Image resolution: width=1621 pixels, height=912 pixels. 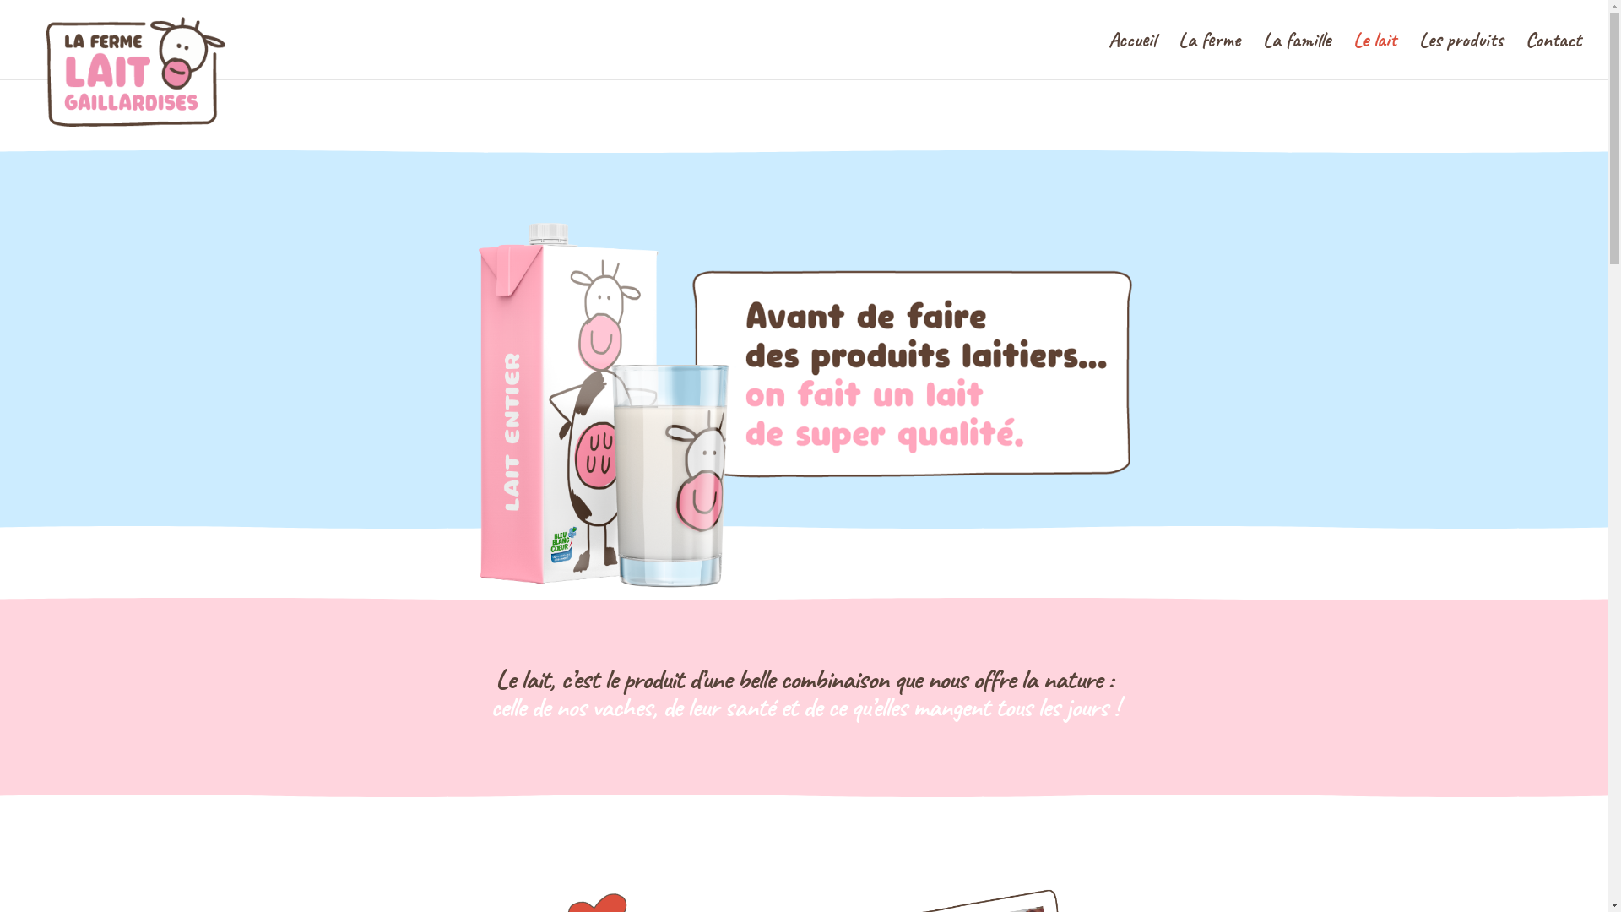 I want to click on 'Accueil', so click(x=1131, y=55).